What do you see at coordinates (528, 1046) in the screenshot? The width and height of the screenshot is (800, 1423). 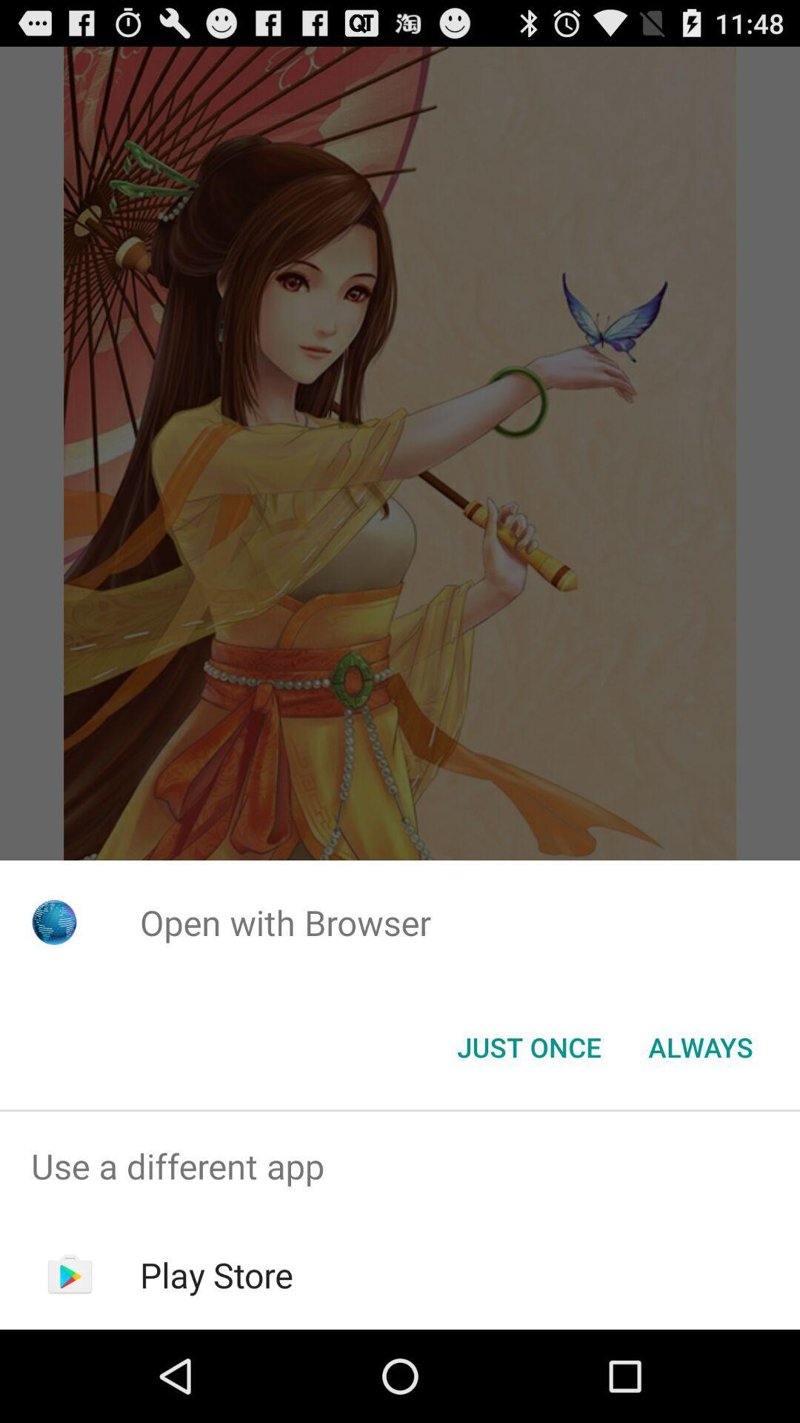 I see `item to the left of the always item` at bounding box center [528, 1046].